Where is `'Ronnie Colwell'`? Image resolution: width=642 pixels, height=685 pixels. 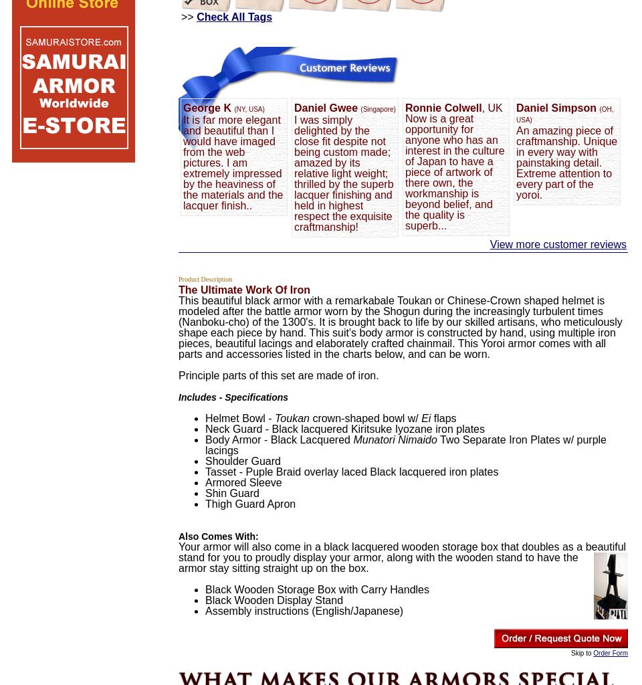 'Ronnie Colwell' is located at coordinates (443, 107).